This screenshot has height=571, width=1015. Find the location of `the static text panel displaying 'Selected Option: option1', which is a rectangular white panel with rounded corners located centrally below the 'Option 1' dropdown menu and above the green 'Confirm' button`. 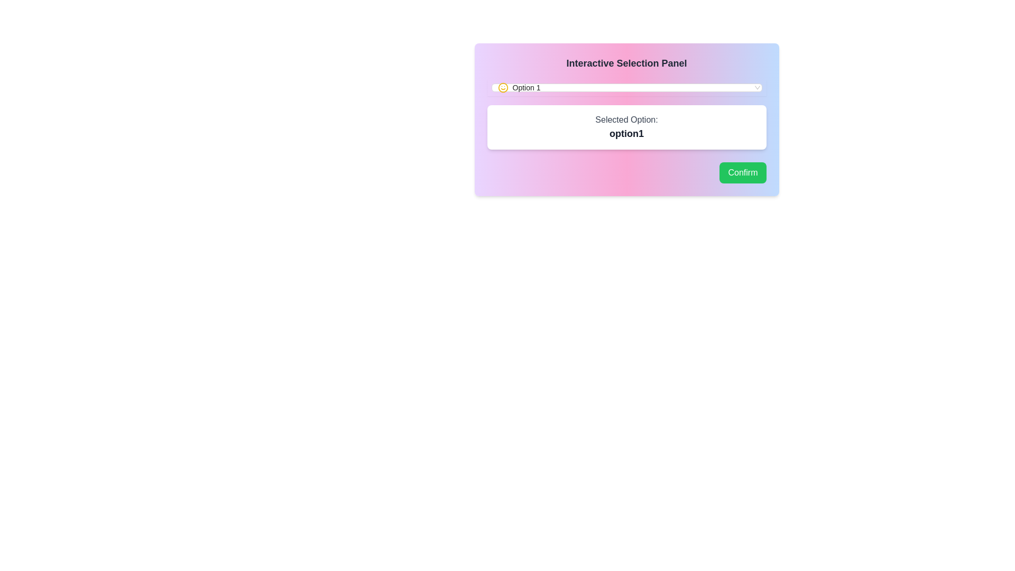

the static text panel displaying 'Selected Option: option1', which is a rectangular white panel with rounded corners located centrally below the 'Option 1' dropdown menu and above the green 'Confirm' button is located at coordinates (626, 126).